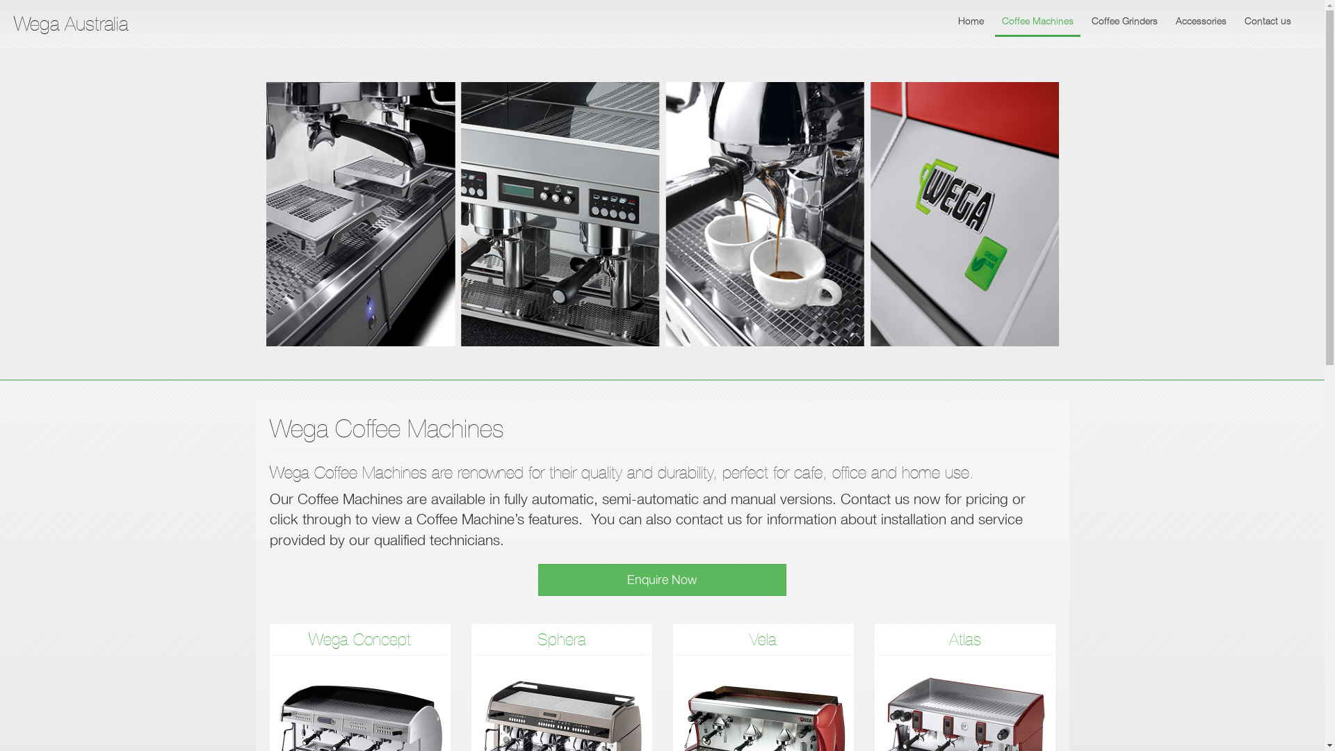  Describe the element at coordinates (1200, 22) in the screenshot. I see `'Accessories'` at that location.